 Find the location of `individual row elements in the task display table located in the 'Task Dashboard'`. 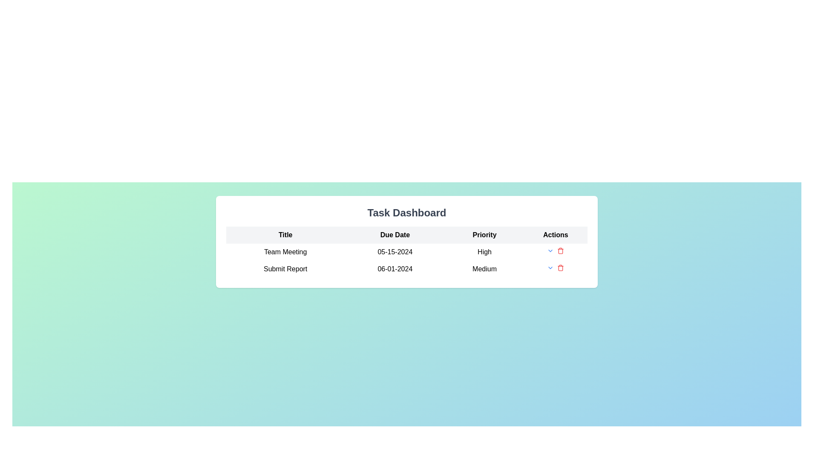

individual row elements in the task display table located in the 'Task Dashboard' is located at coordinates (406, 251).